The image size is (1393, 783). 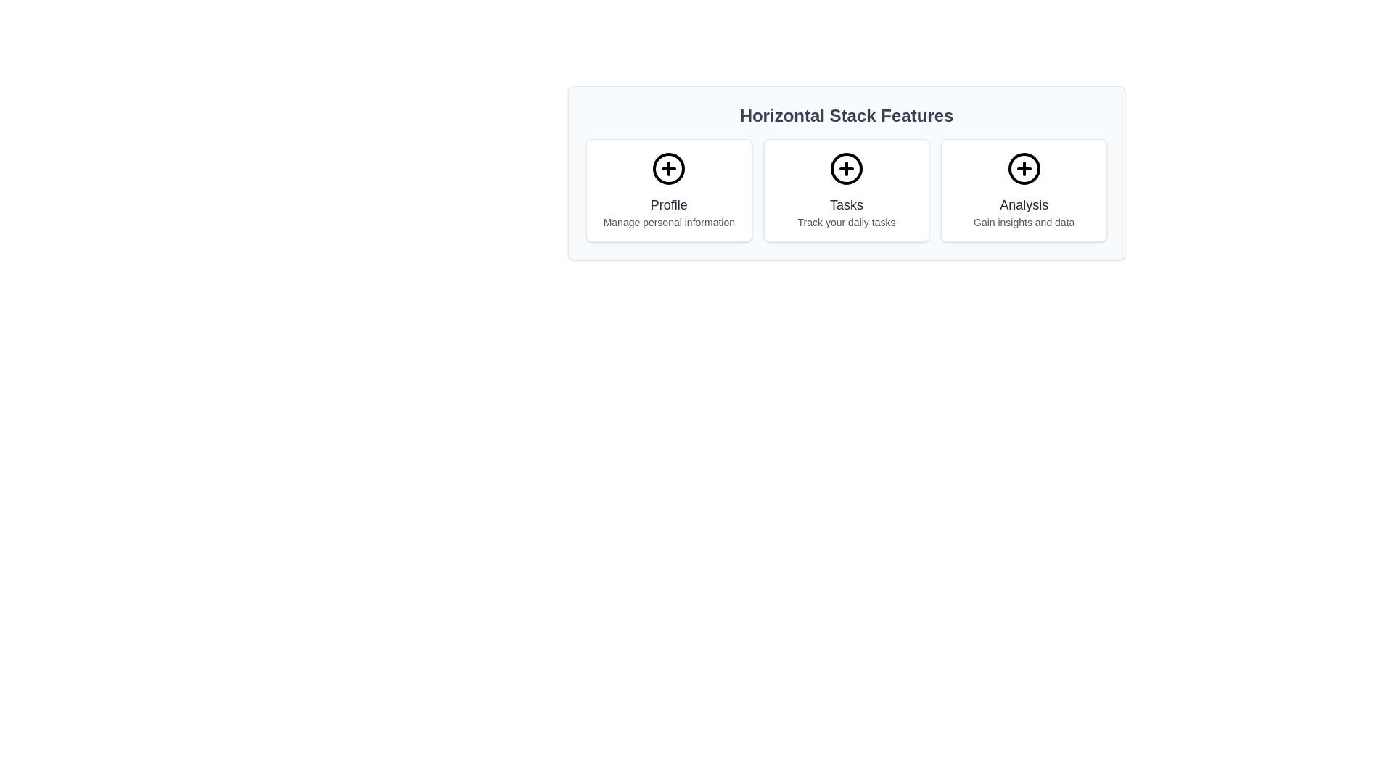 What do you see at coordinates (1023, 167) in the screenshot?
I see `the circular icon with a black outline and a centered '+' sign, which is part of the 'Analysis' group in the rightmost card of the horizontally aligned group of three cards` at bounding box center [1023, 167].